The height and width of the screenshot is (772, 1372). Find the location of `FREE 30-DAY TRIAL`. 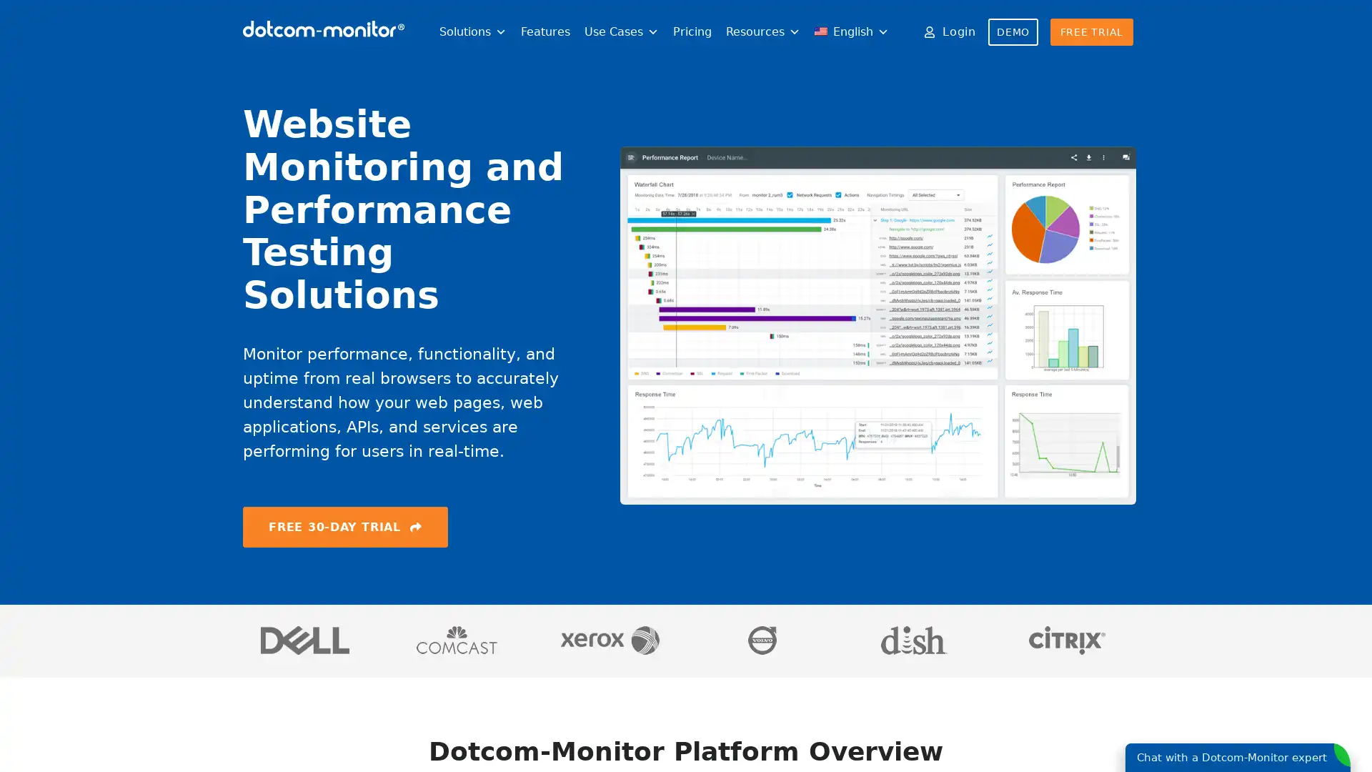

FREE 30-DAY TRIAL is located at coordinates (345, 526).